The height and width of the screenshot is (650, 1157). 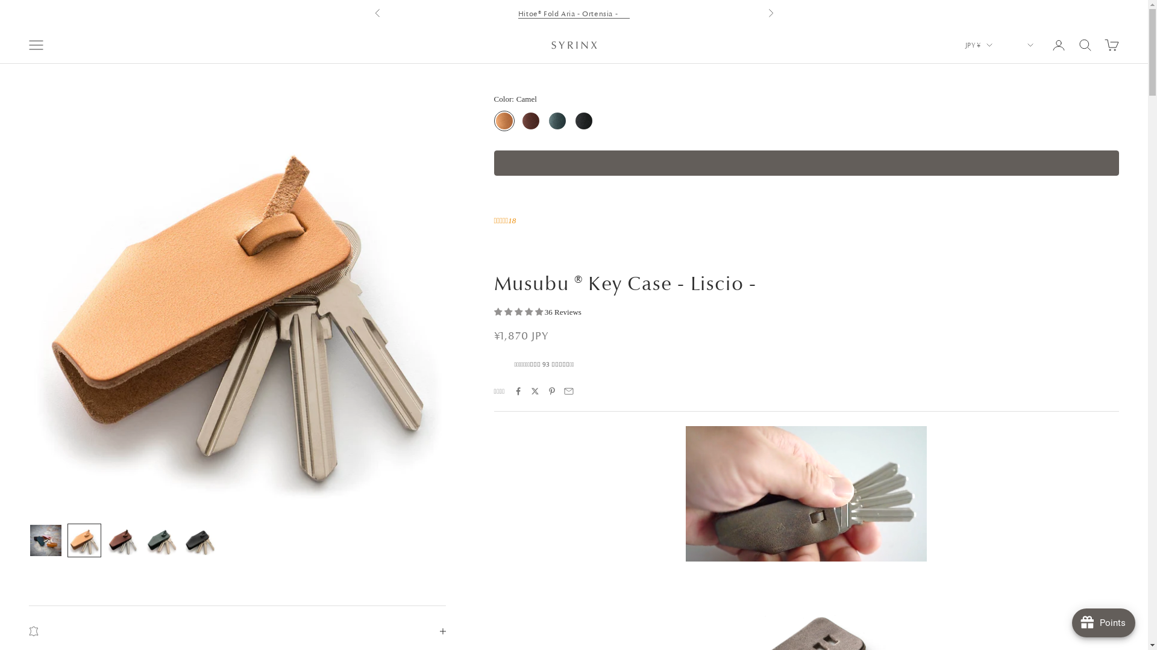 What do you see at coordinates (572, 44) in the screenshot?
I see `'Syrinx'` at bounding box center [572, 44].